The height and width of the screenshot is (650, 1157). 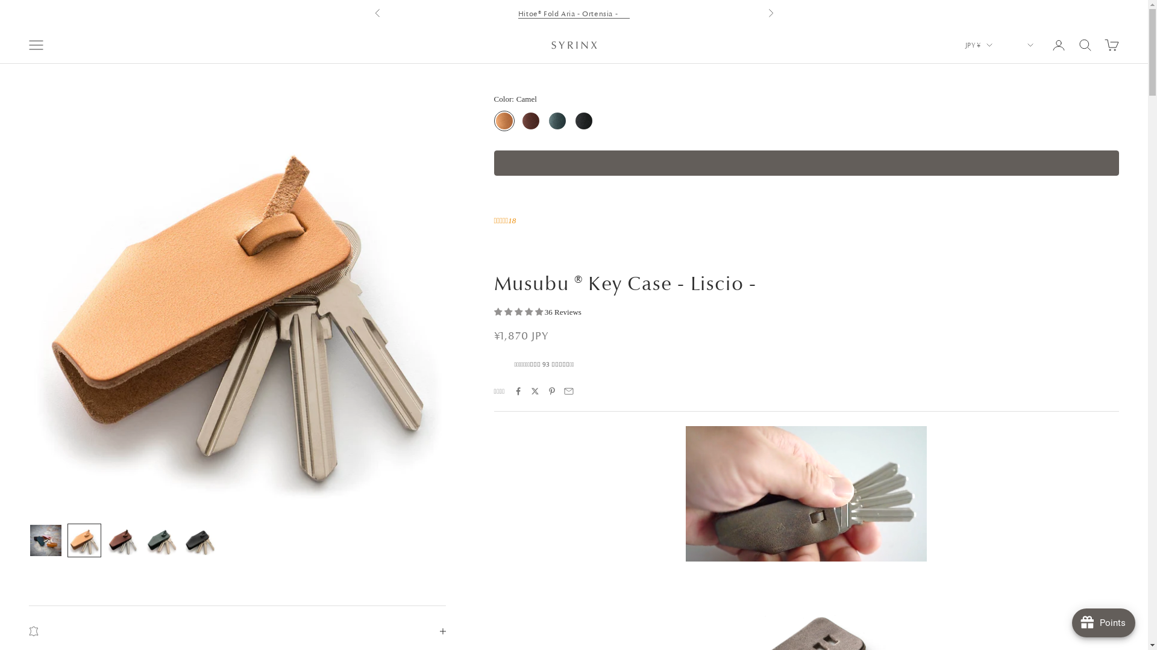 What do you see at coordinates (572, 44) in the screenshot?
I see `'Syrinx'` at bounding box center [572, 44].